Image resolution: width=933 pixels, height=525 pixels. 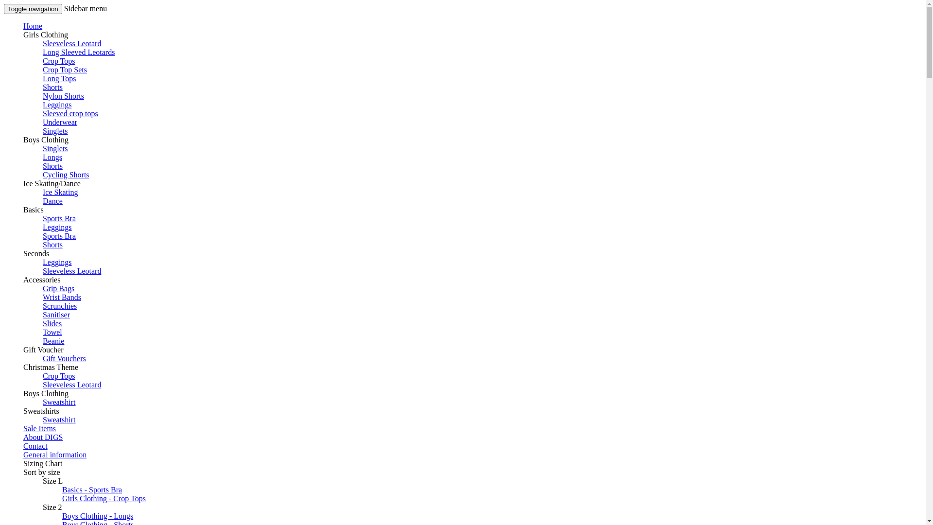 I want to click on 'Girls Clothing - Crop Tops', so click(x=104, y=498).